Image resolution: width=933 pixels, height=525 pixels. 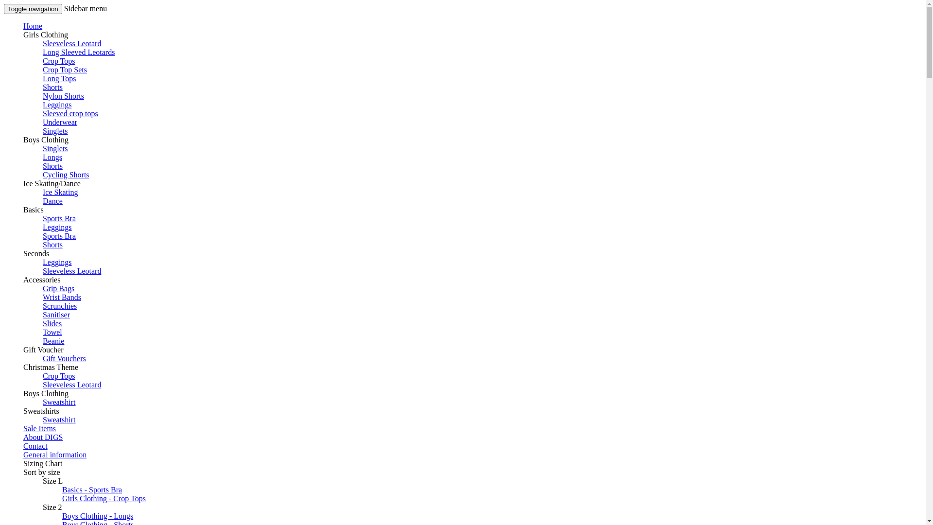 I want to click on 'Girls Clothing - Crop Tops', so click(x=104, y=498).